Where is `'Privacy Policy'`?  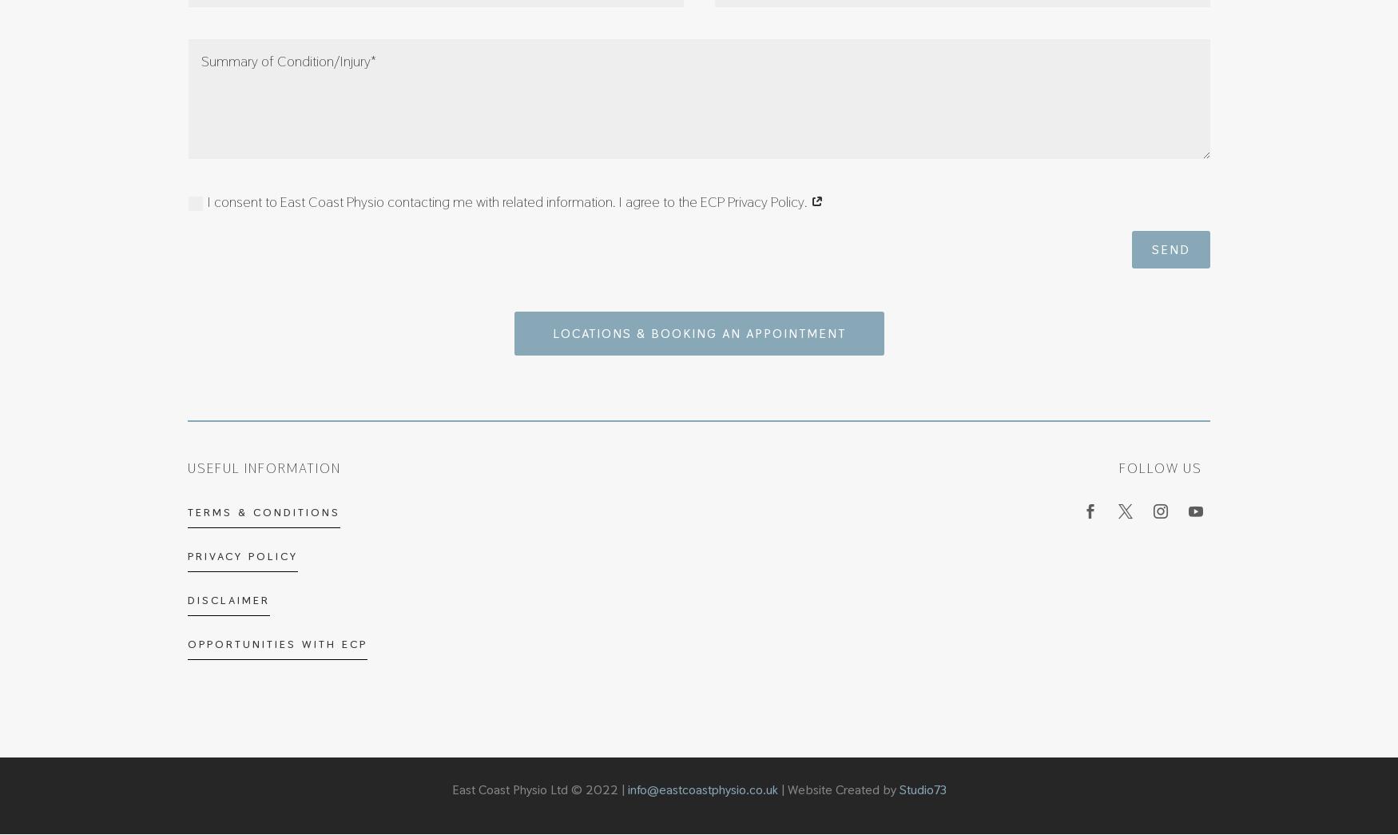 'Privacy Policy' is located at coordinates (241, 555).